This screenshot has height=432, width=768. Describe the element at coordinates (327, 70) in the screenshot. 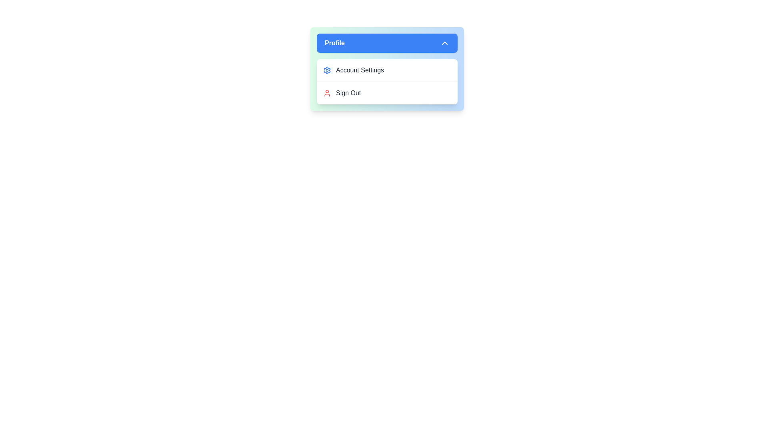

I see `the icon associated with Account Settings` at that location.